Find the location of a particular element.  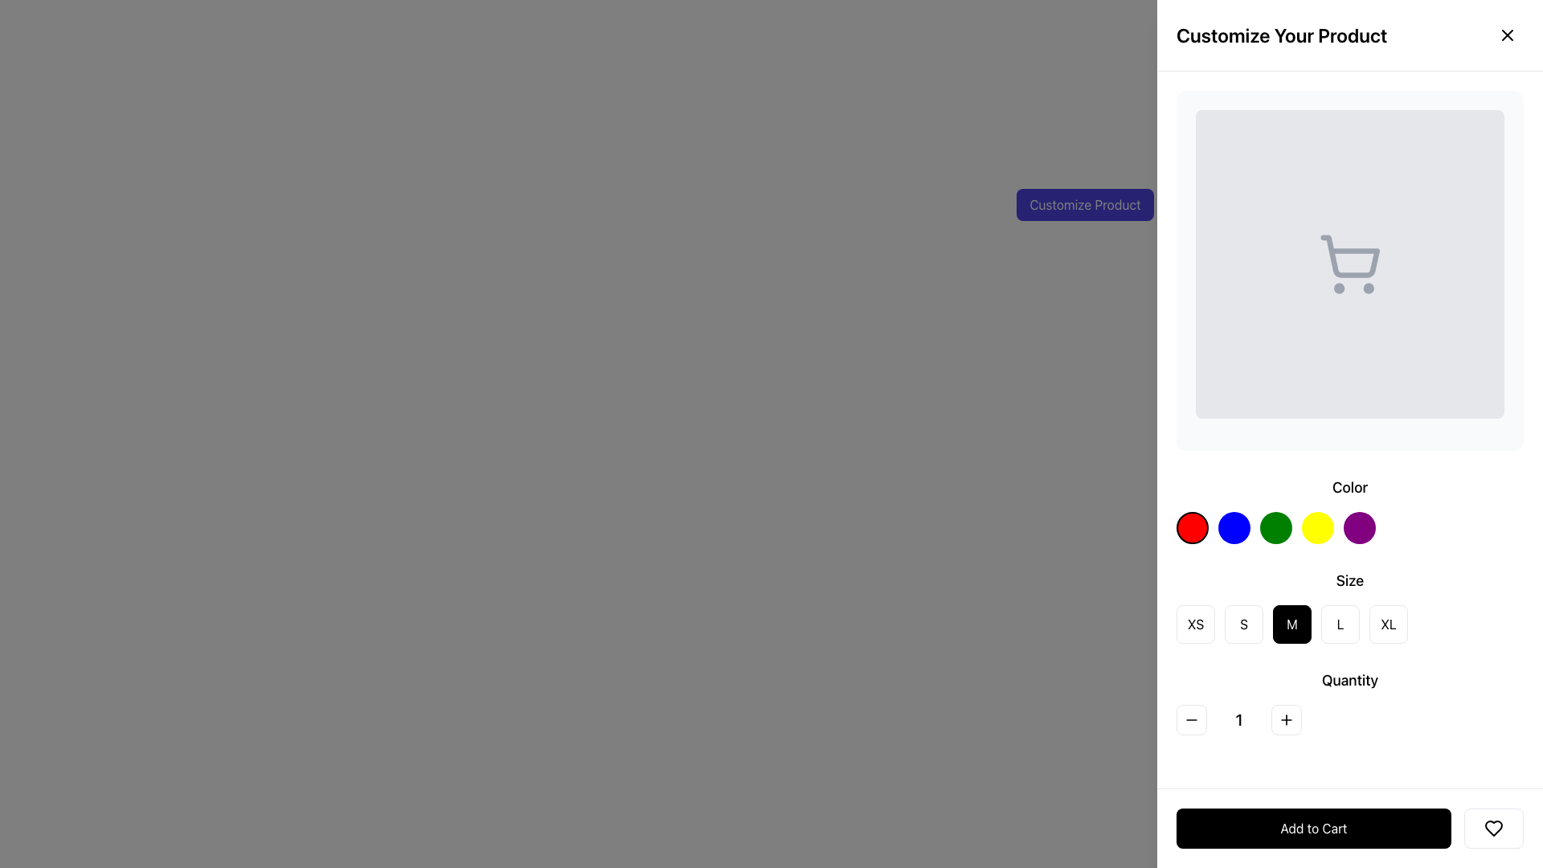

the shopping cart icon, which is a simplistic line art style element located within the 'Customize Your Product' interface, centered in the preview box at the top of the right panel is located at coordinates (1350, 256).